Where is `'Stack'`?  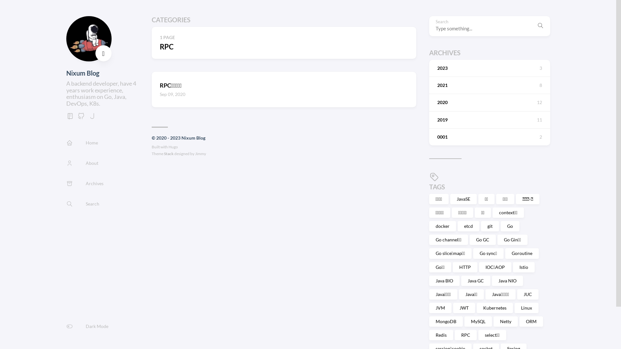
'Stack' is located at coordinates (169, 153).